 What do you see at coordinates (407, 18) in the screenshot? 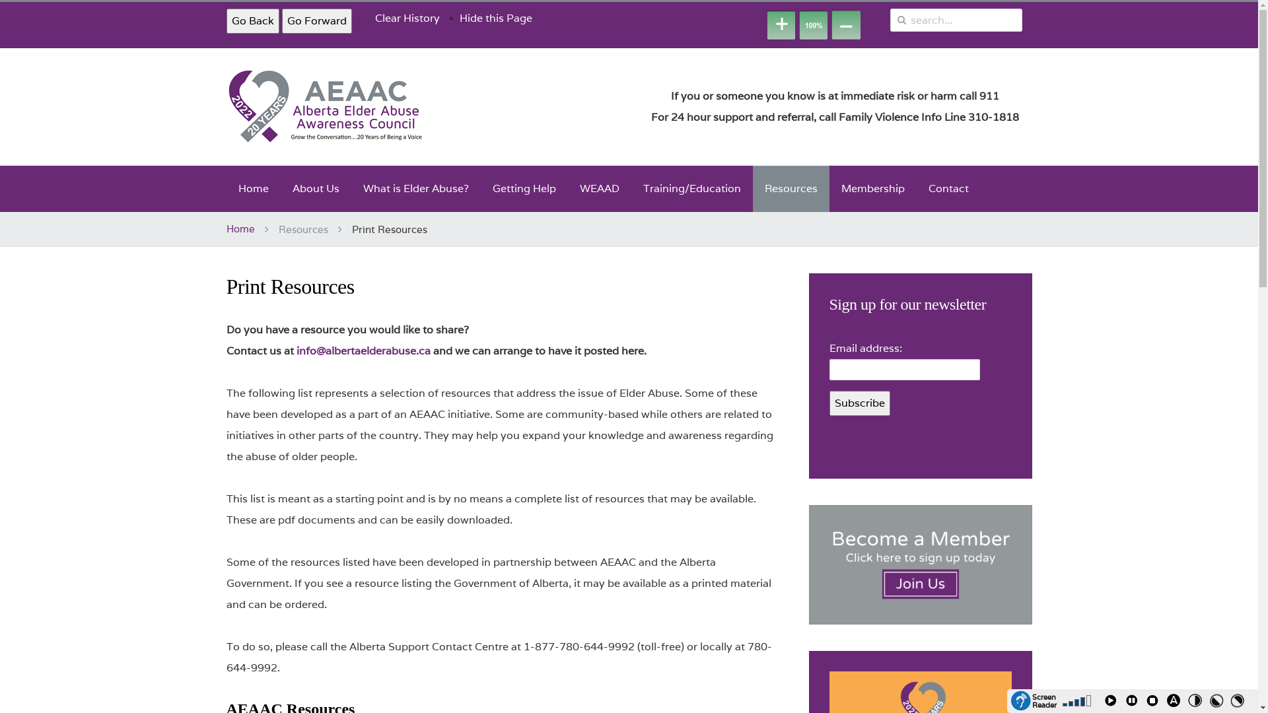
I see `'Clear History'` at bounding box center [407, 18].